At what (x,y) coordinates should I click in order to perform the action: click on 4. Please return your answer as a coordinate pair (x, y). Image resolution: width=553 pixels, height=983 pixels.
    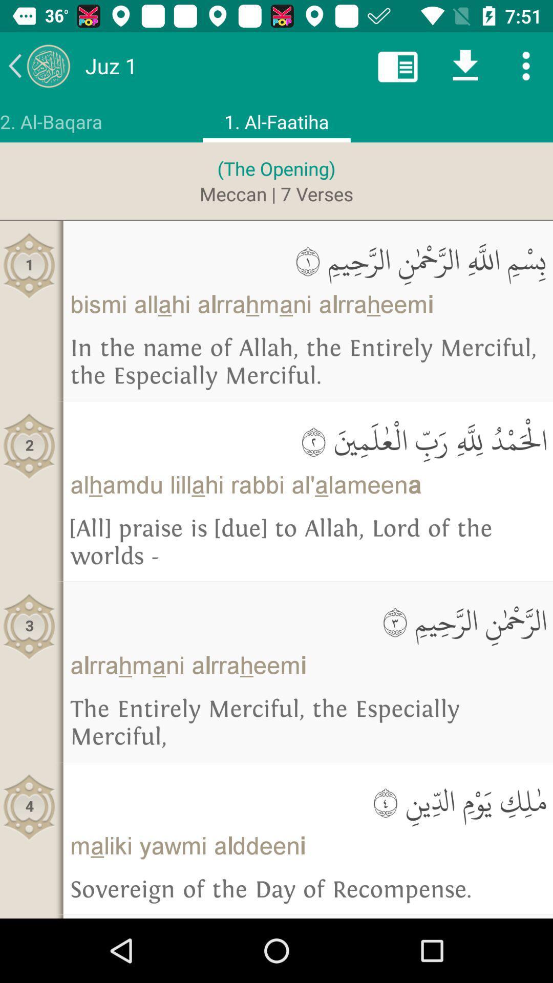
    Looking at the image, I should click on (29, 806).